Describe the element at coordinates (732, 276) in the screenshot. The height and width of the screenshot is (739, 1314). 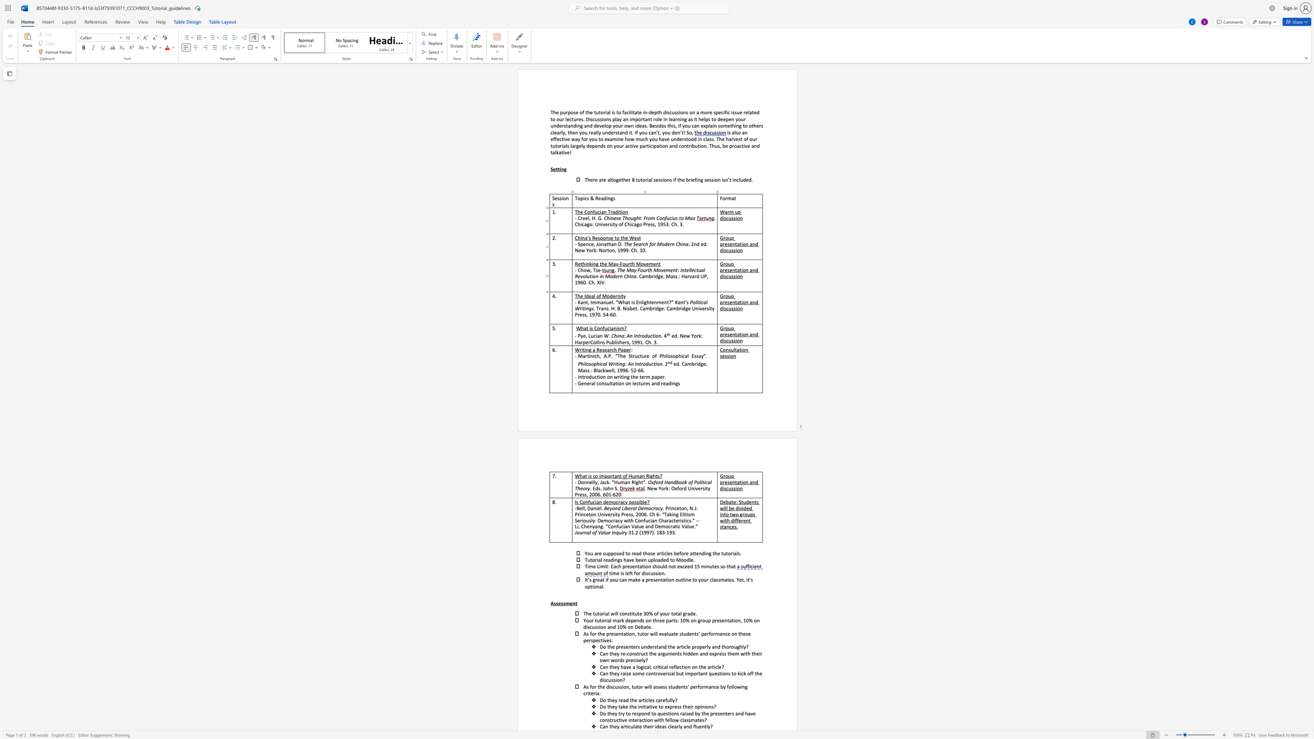
I see `the 3th character "s" in the text` at that location.